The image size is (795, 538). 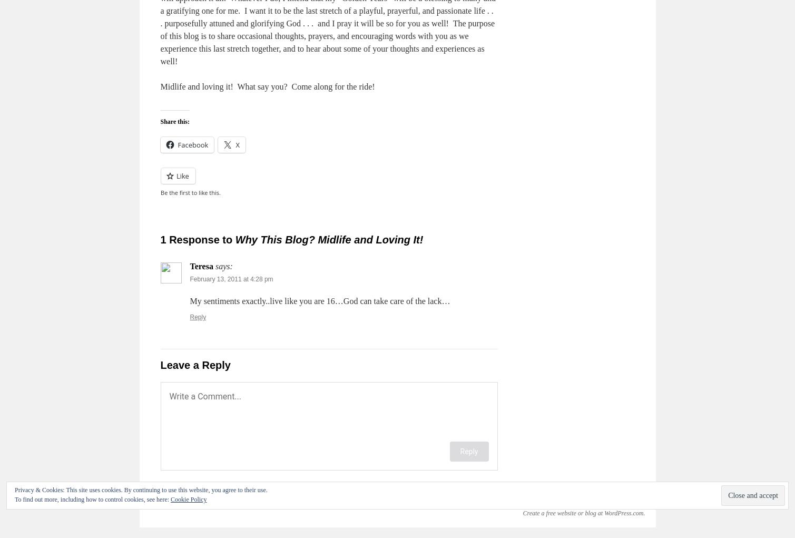 I want to click on 'To find out more, including how to control cookies, see here:', so click(x=92, y=498).